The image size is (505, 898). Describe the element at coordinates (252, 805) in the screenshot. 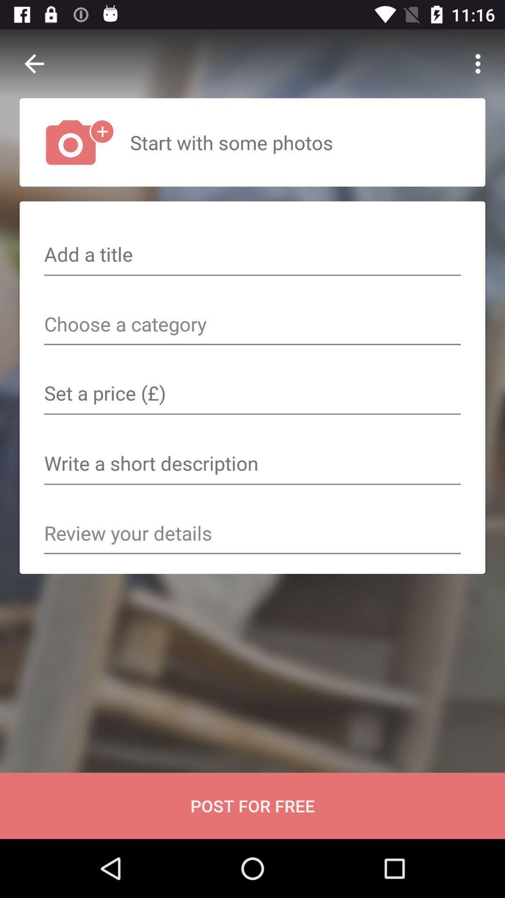

I see `the post for free` at that location.